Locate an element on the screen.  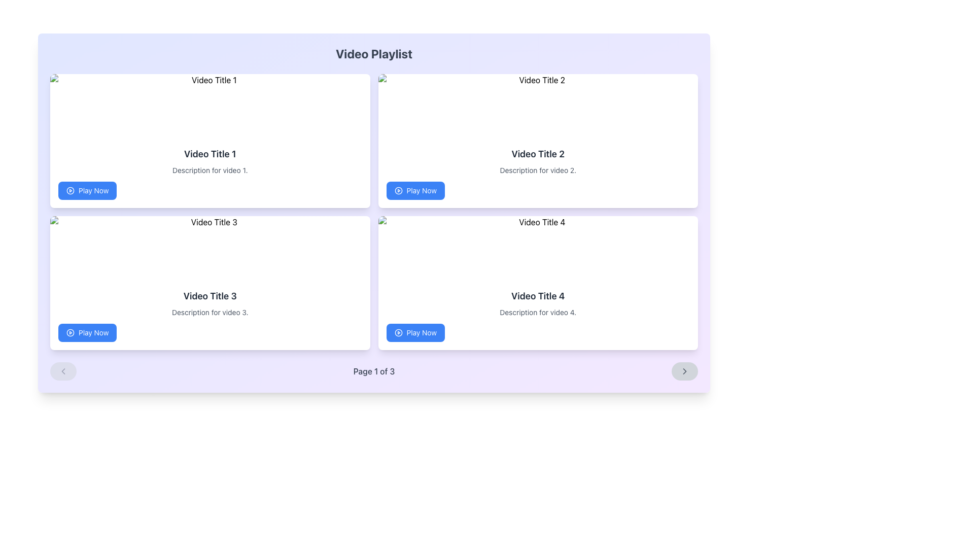
the small rounded rectangular navigation button with a gray background and right-chevron icon, located at the far right of the pagination controls, to provide visual feedback is located at coordinates (684, 371).